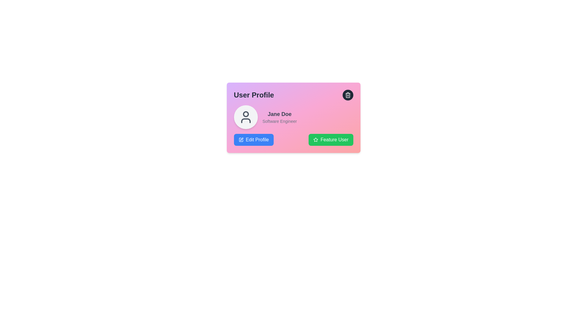 Image resolution: width=573 pixels, height=322 pixels. What do you see at coordinates (246, 117) in the screenshot?
I see `the user icon represented as a stylized outline of a person, which is centrally aligned within a circular area at the top-left of the 'User Profile' card` at bounding box center [246, 117].